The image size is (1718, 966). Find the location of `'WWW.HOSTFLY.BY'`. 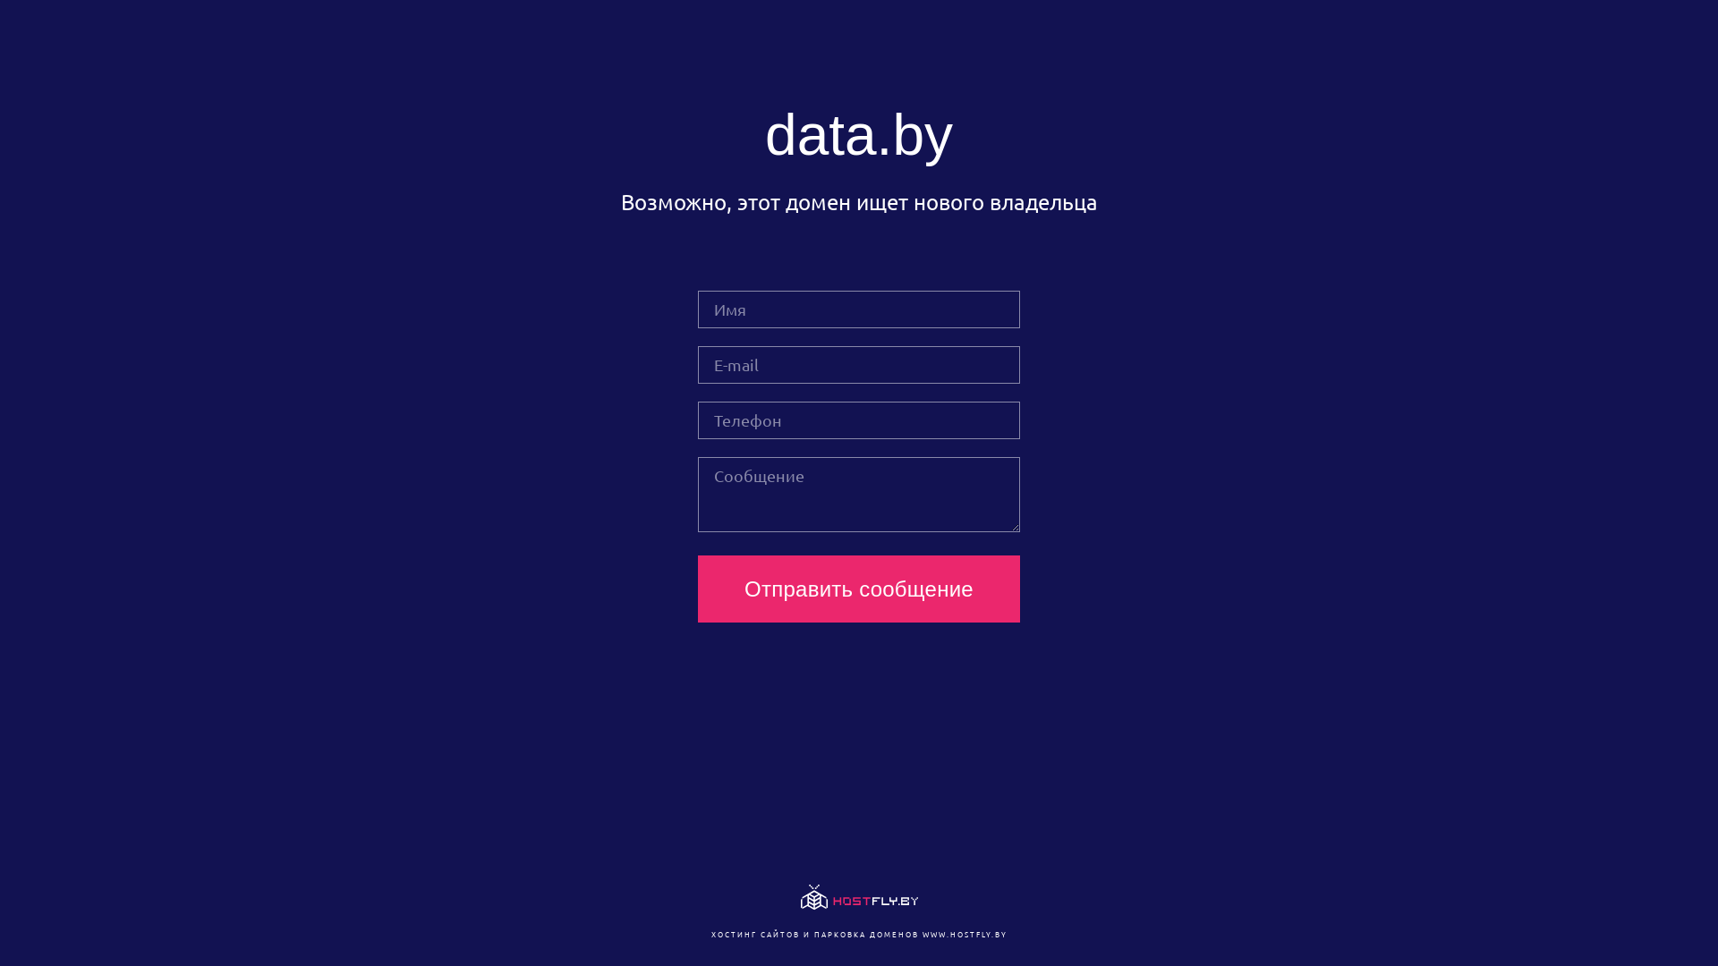

'WWW.HOSTFLY.BY' is located at coordinates (963, 933).